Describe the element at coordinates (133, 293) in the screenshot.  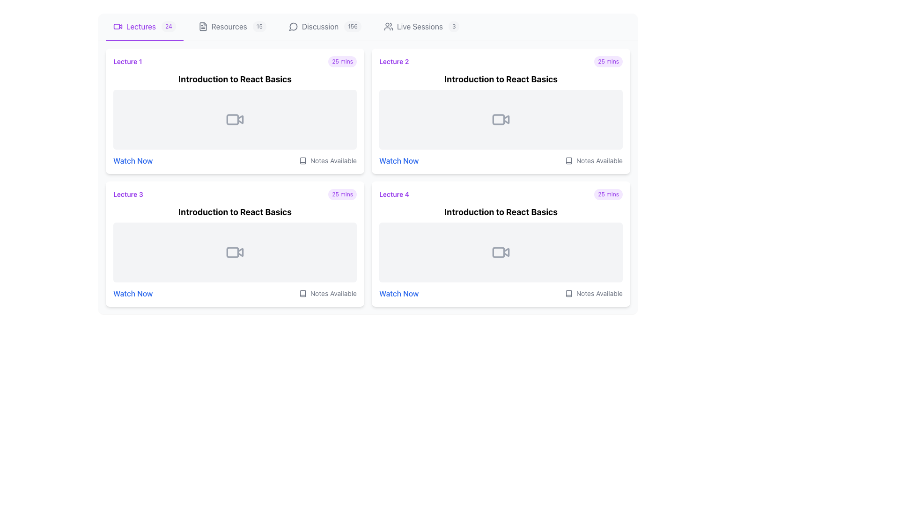
I see `the leftmost hyperlink that invites the user to watch a specific lecture, located before the 'Notes Available' text and icon` at that location.